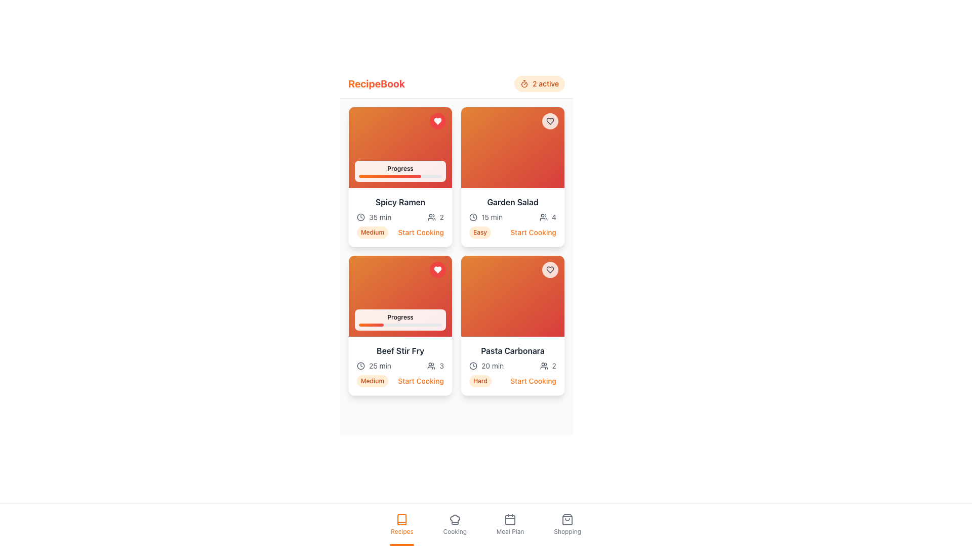 The image size is (972, 546). I want to click on the book icon button in the bottom navigation bar, so click(401, 520).